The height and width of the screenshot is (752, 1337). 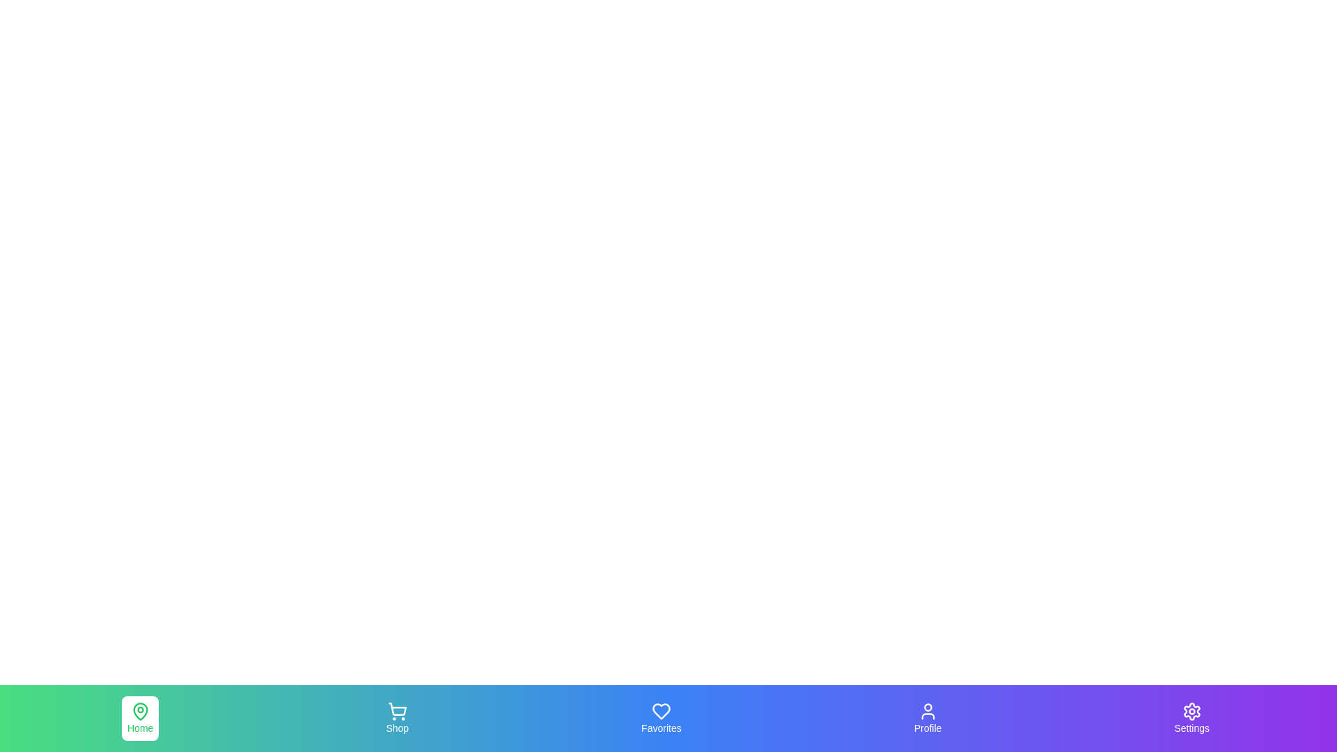 I want to click on the tab icon for Profile for visual inspection, so click(x=927, y=719).